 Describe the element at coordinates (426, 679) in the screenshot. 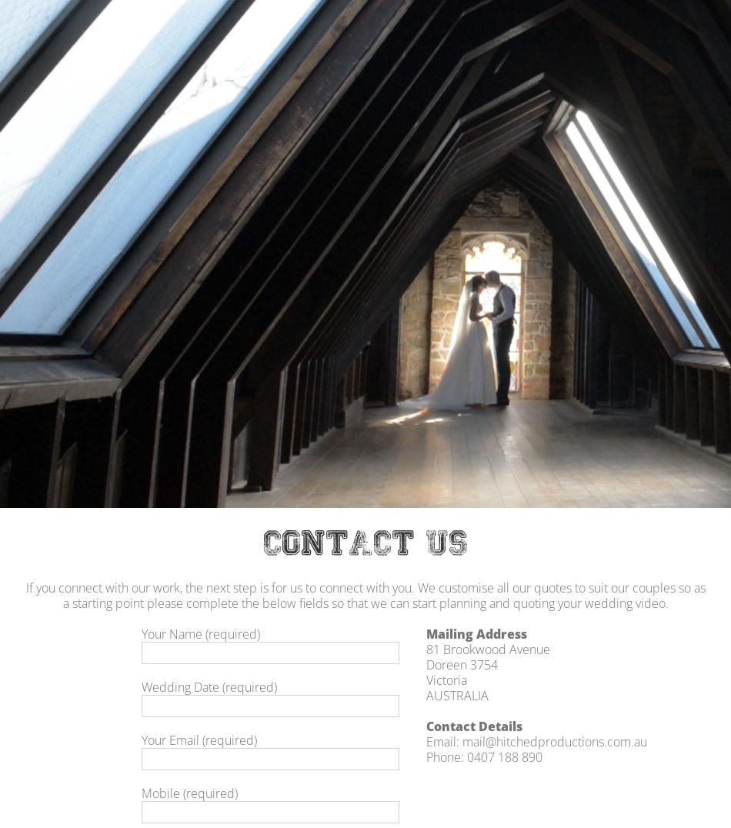

I see `'Victoria'` at that location.